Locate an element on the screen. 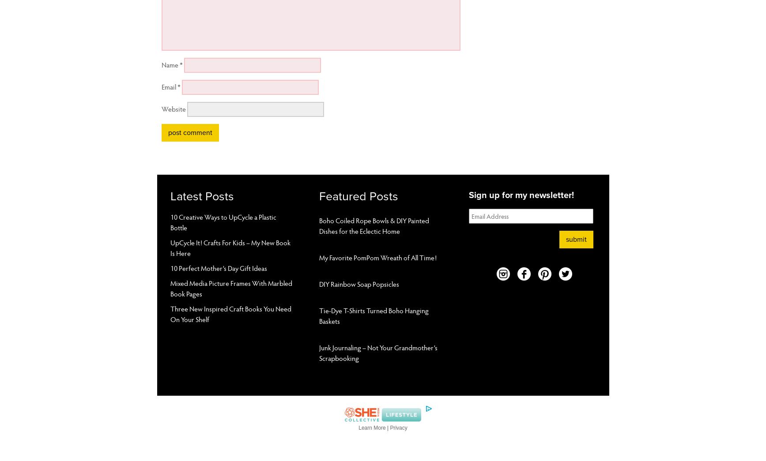 This screenshot has width=766, height=461. 'Website' is located at coordinates (173, 108).